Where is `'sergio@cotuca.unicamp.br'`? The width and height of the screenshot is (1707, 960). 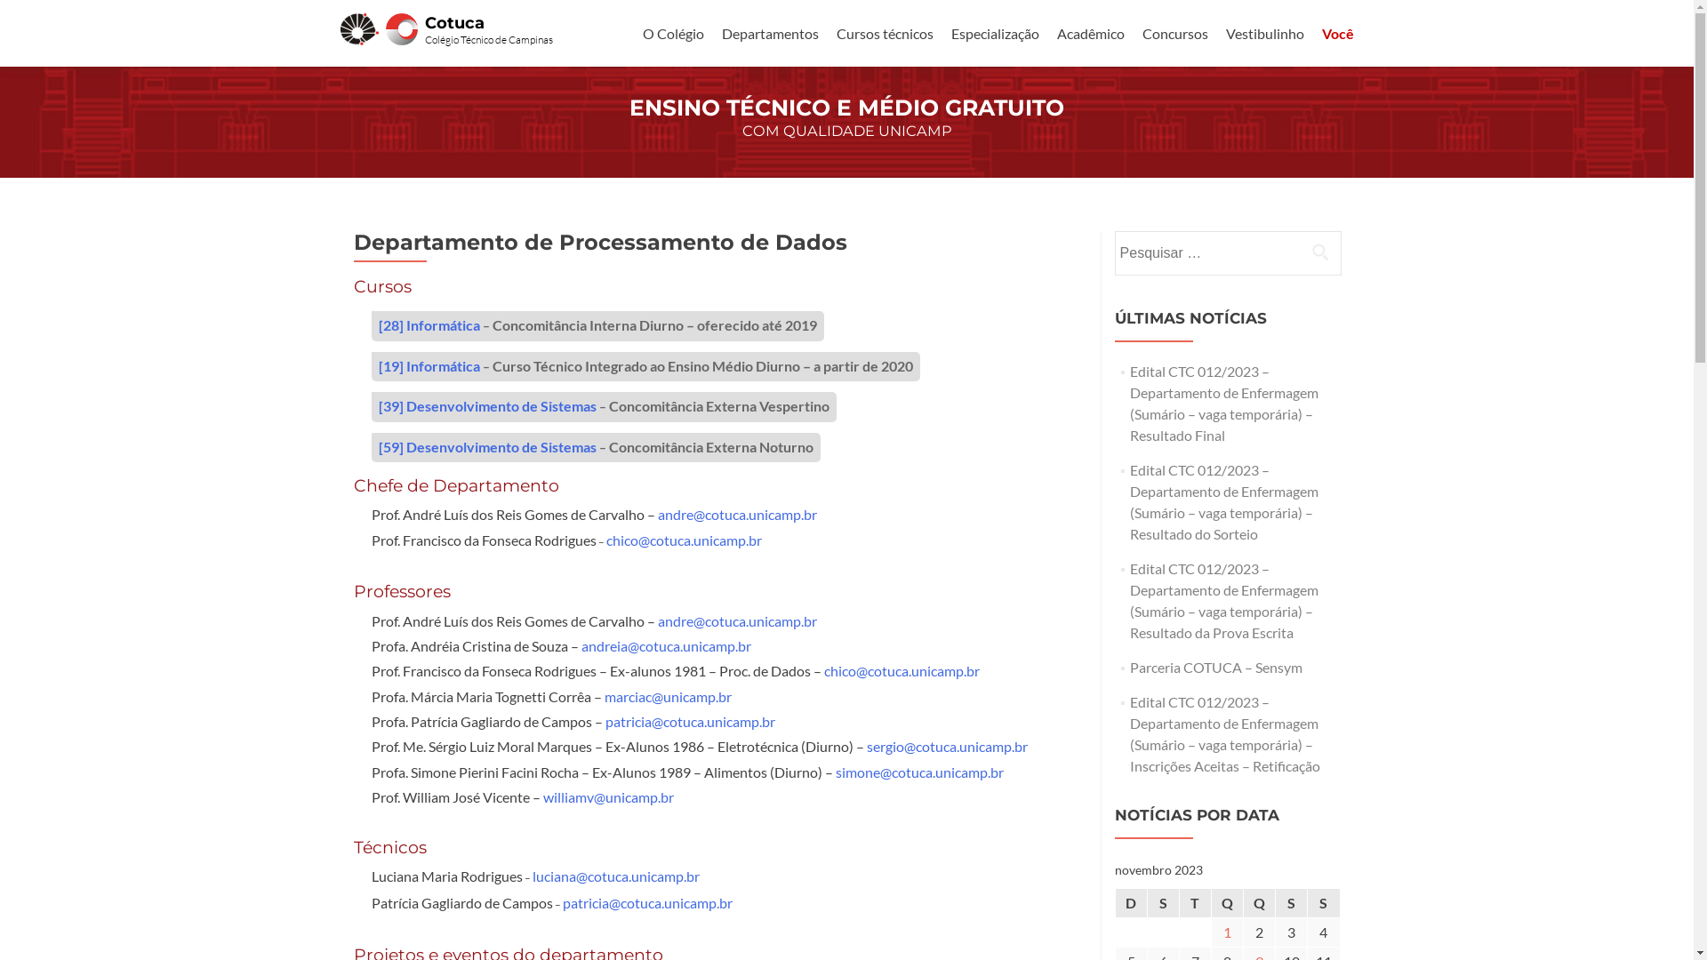
'sergio@cotuca.unicamp.br' is located at coordinates (945, 746).